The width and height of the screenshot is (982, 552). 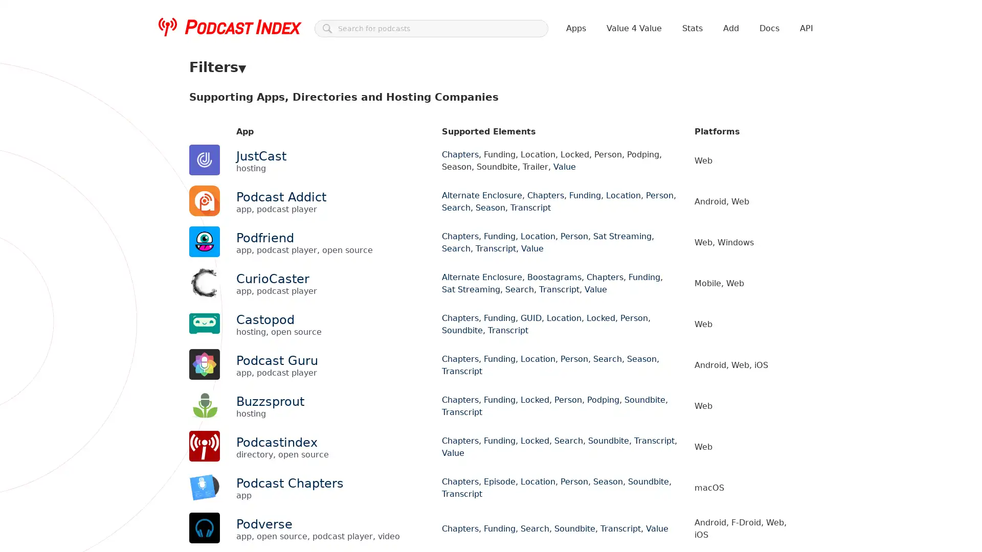 What do you see at coordinates (450, 154) in the screenshot?
I see `Funding` at bounding box center [450, 154].